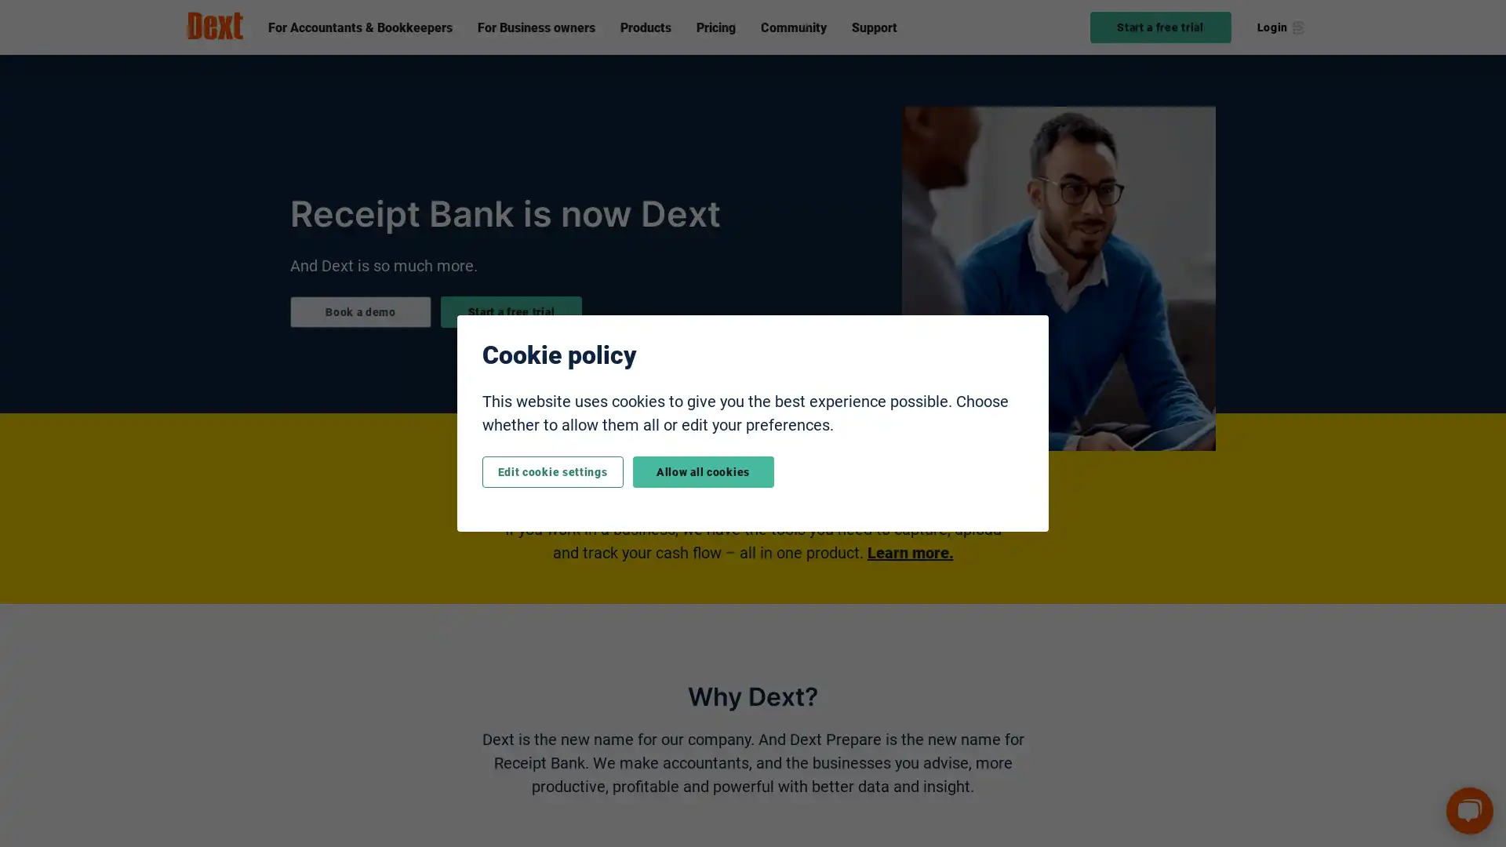  Describe the element at coordinates (552, 471) in the screenshot. I see `Edit cookie settings` at that location.